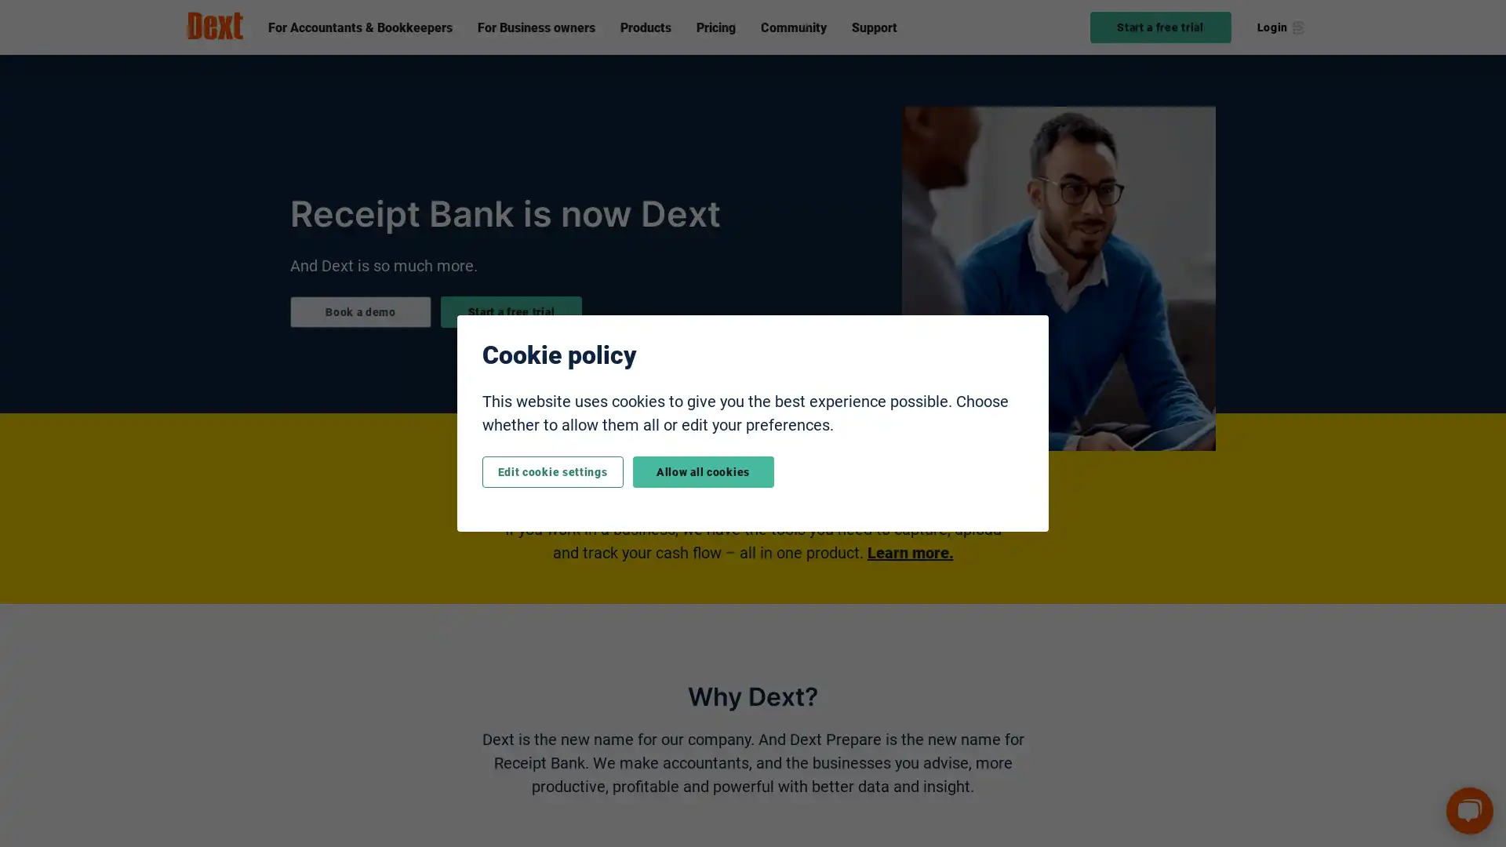  Describe the element at coordinates (552, 471) in the screenshot. I see `Edit cookie settings` at that location.